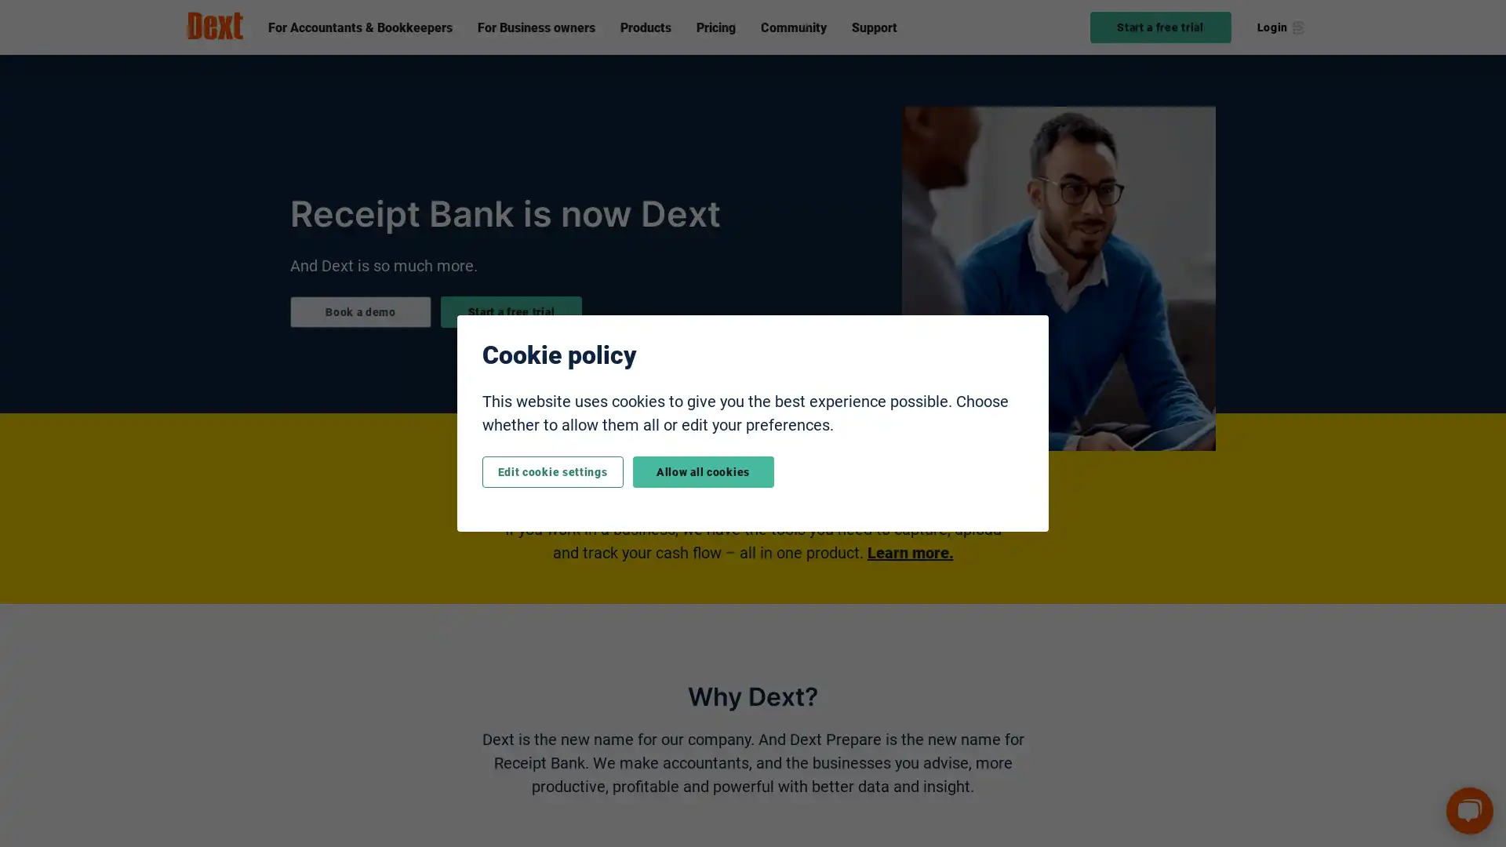  Describe the element at coordinates (552, 471) in the screenshot. I see `Edit cookie settings` at that location.